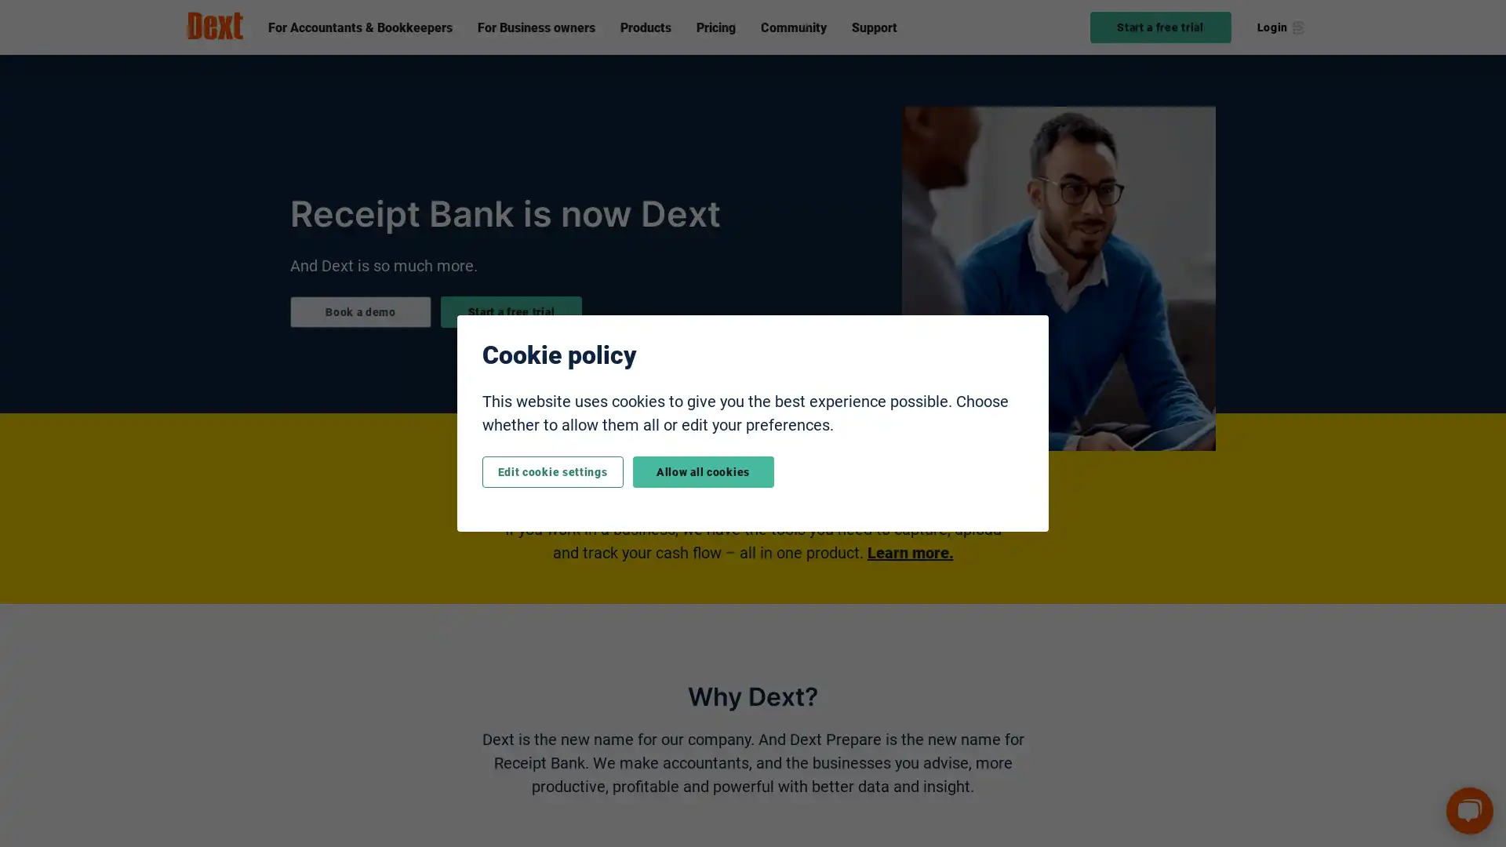  Describe the element at coordinates (552, 471) in the screenshot. I see `Edit cookie settings` at that location.